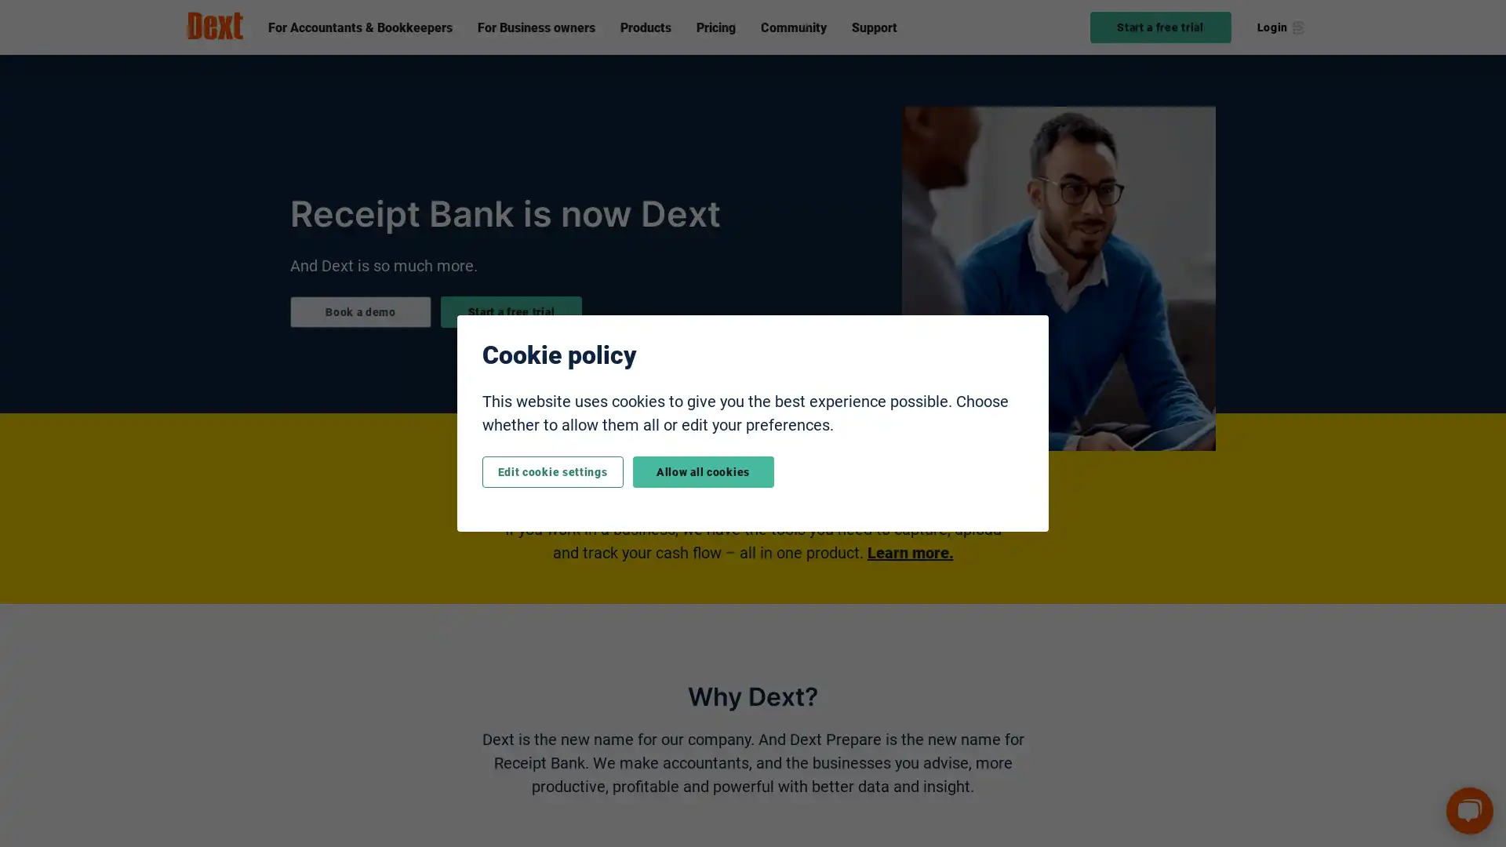  Describe the element at coordinates (552, 471) in the screenshot. I see `Edit cookie settings` at that location.